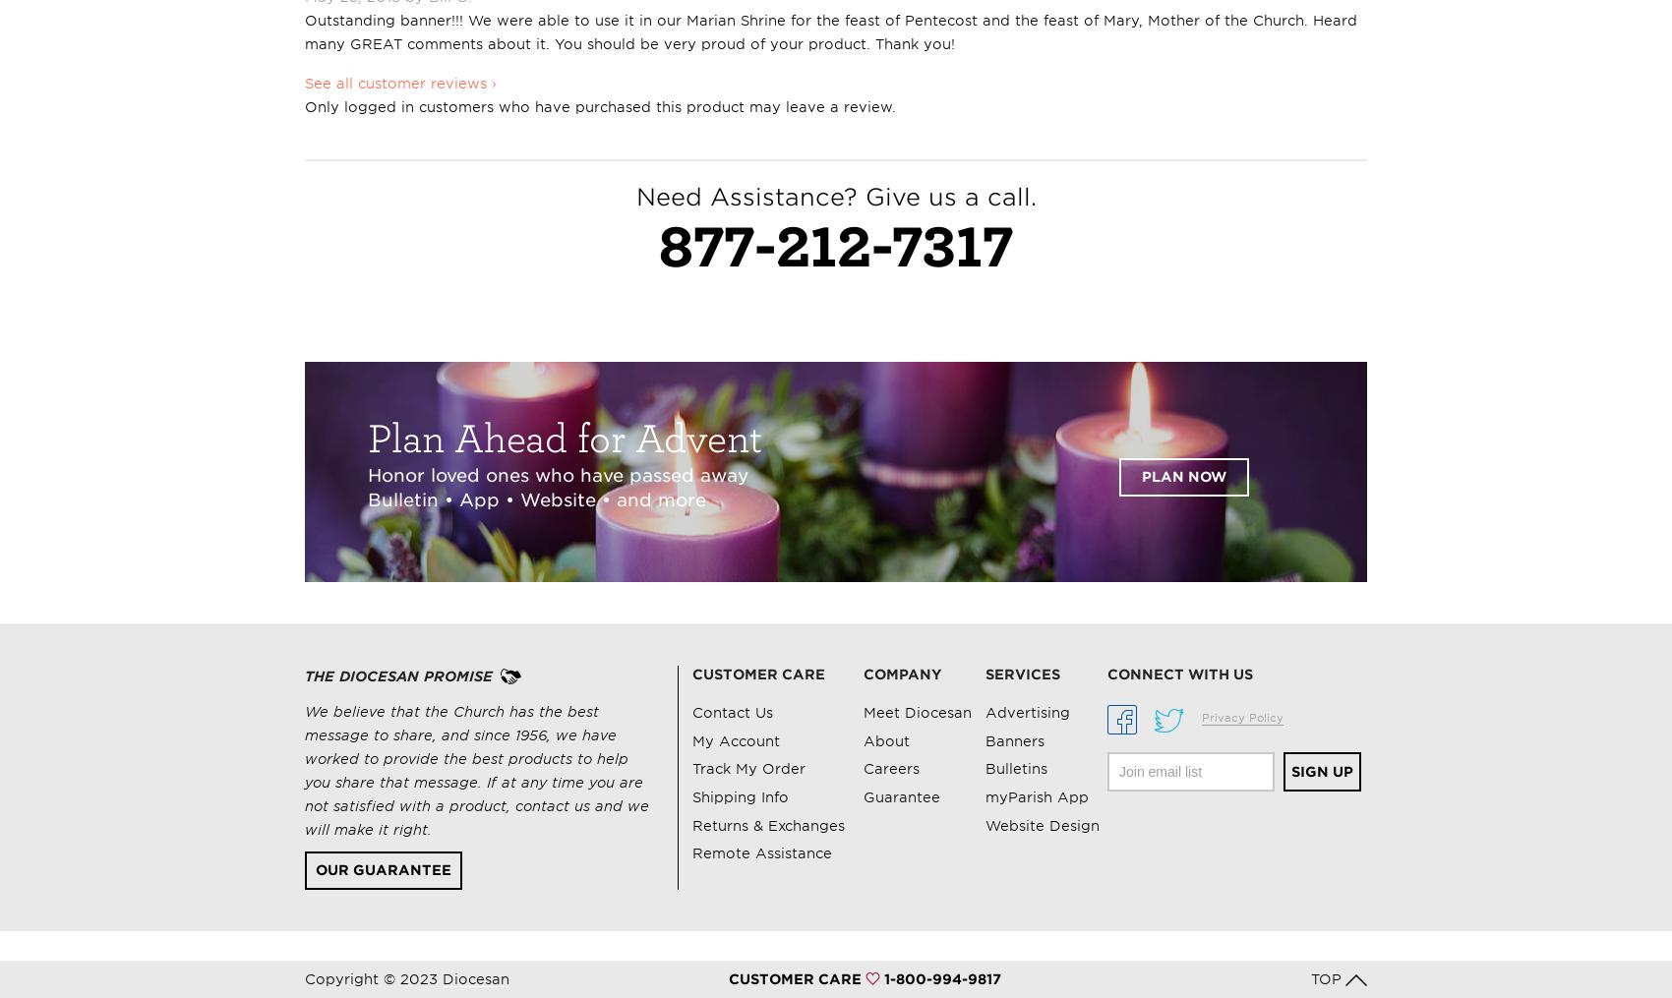  I want to click on 'Honor loved ones who have passed away', so click(367, 474).